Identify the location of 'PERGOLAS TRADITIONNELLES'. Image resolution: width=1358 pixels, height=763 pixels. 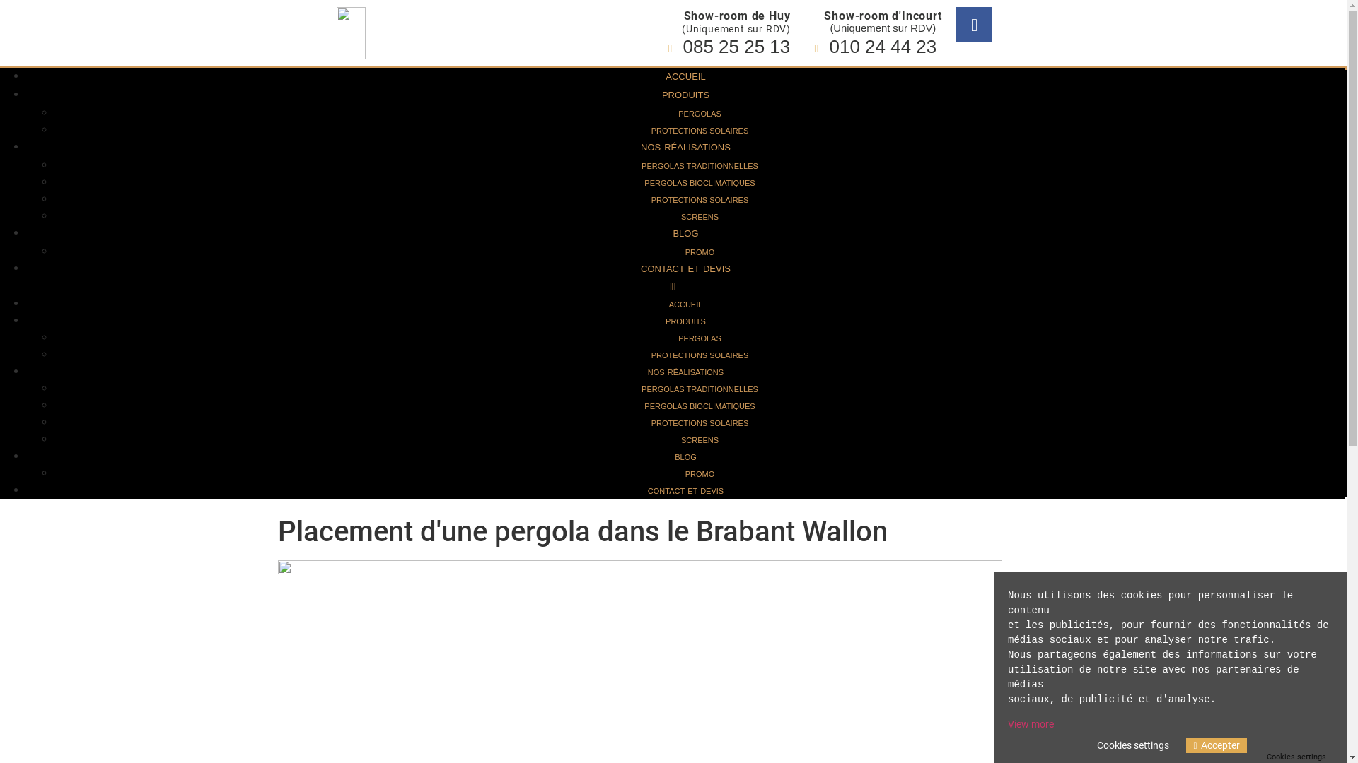
(700, 165).